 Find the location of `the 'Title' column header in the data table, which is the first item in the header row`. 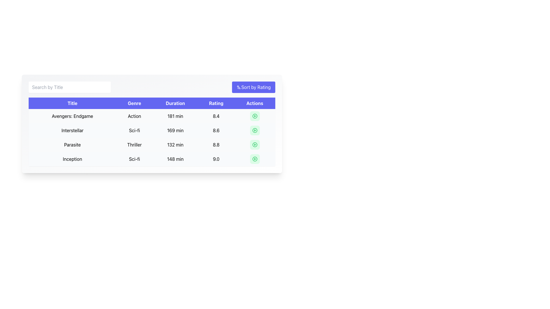

the 'Title' column header in the data table, which is the first item in the header row is located at coordinates (72, 103).